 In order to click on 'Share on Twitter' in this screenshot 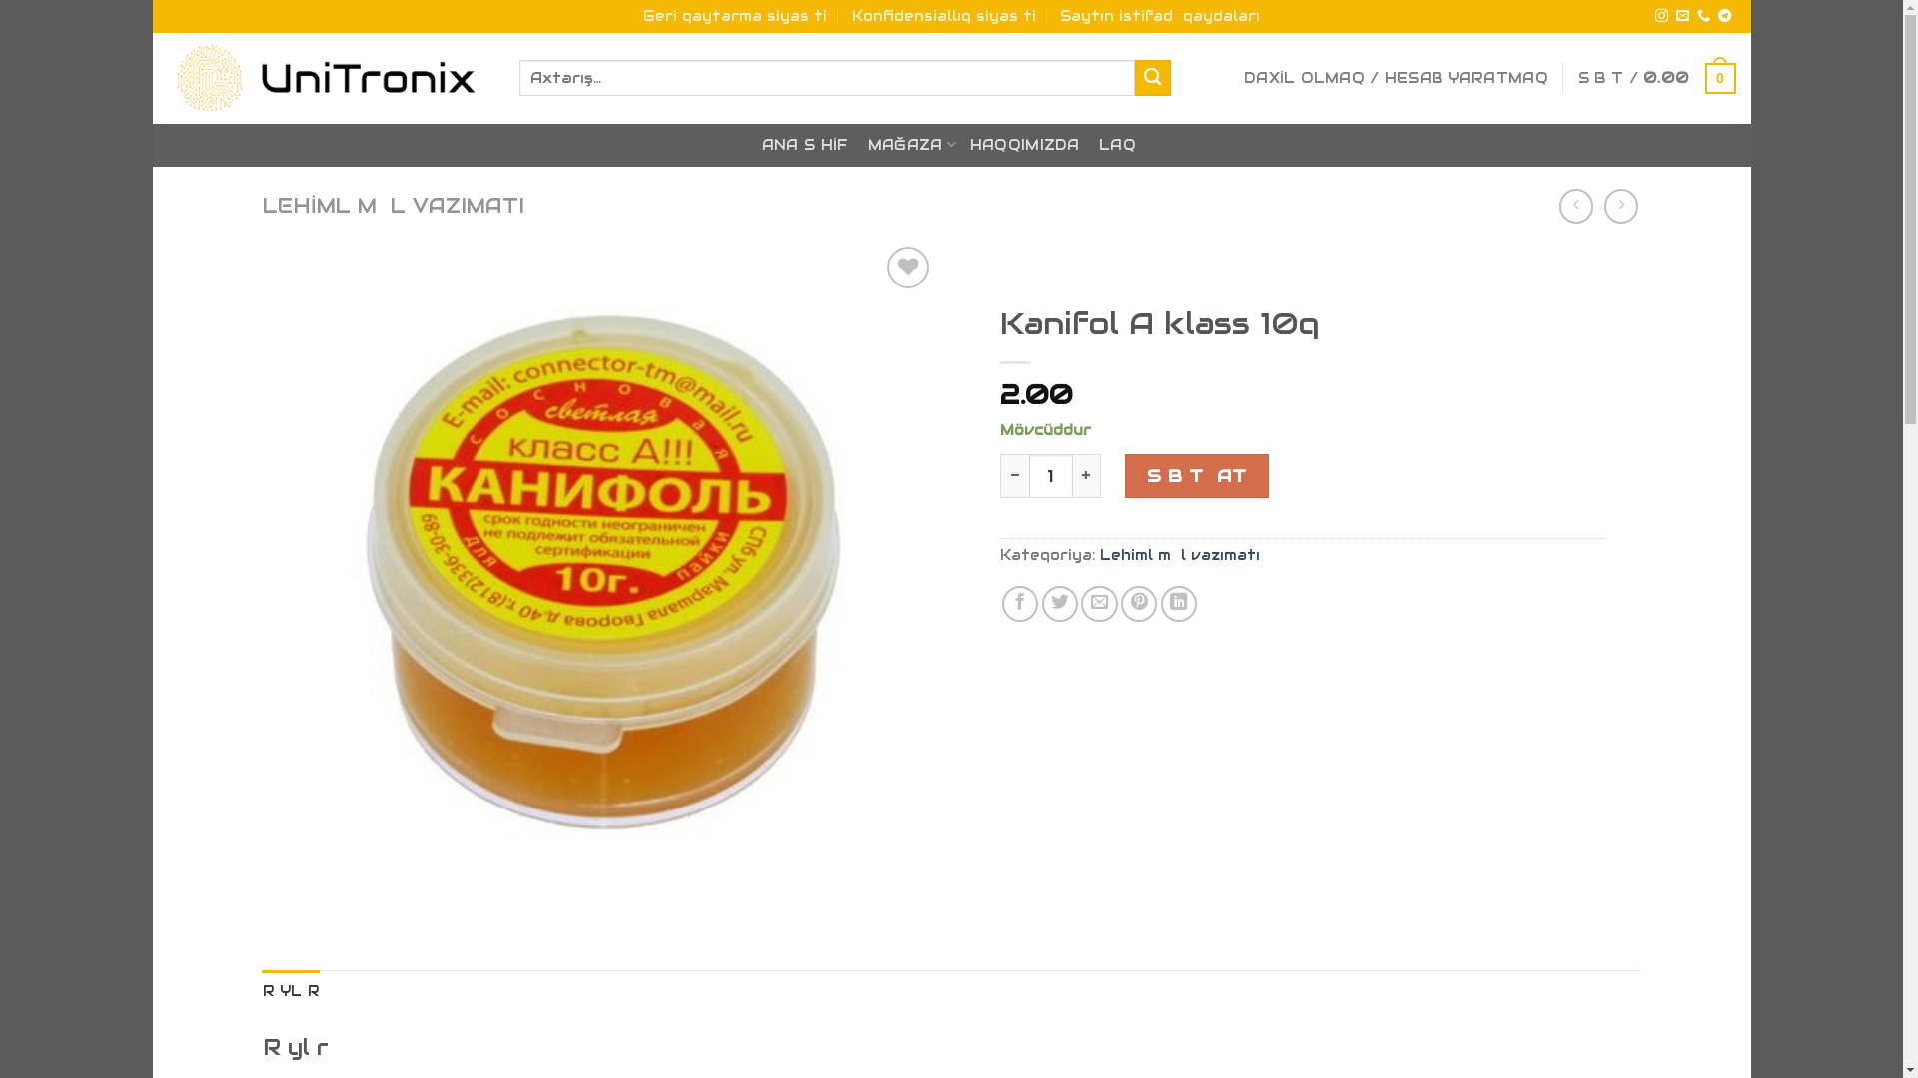, I will do `click(1058, 603)`.